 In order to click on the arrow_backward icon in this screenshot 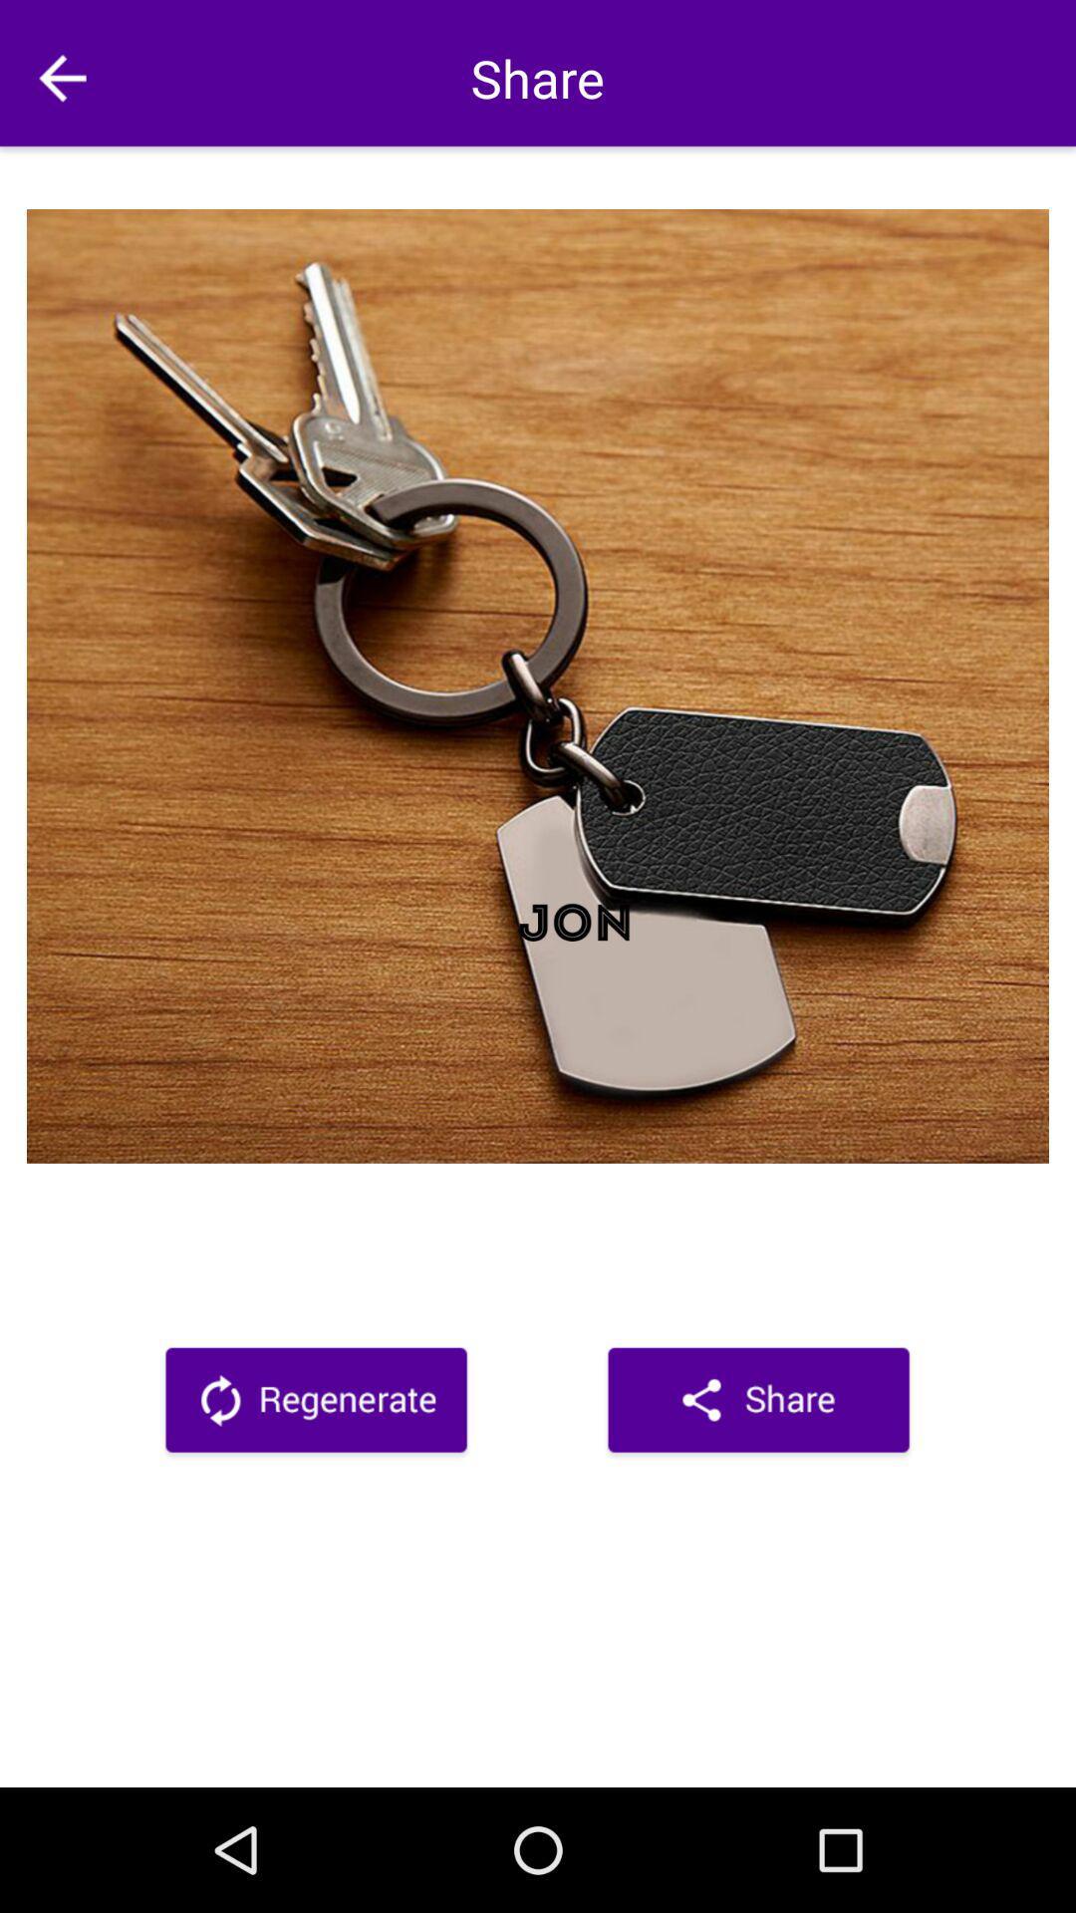, I will do `click(61, 83)`.